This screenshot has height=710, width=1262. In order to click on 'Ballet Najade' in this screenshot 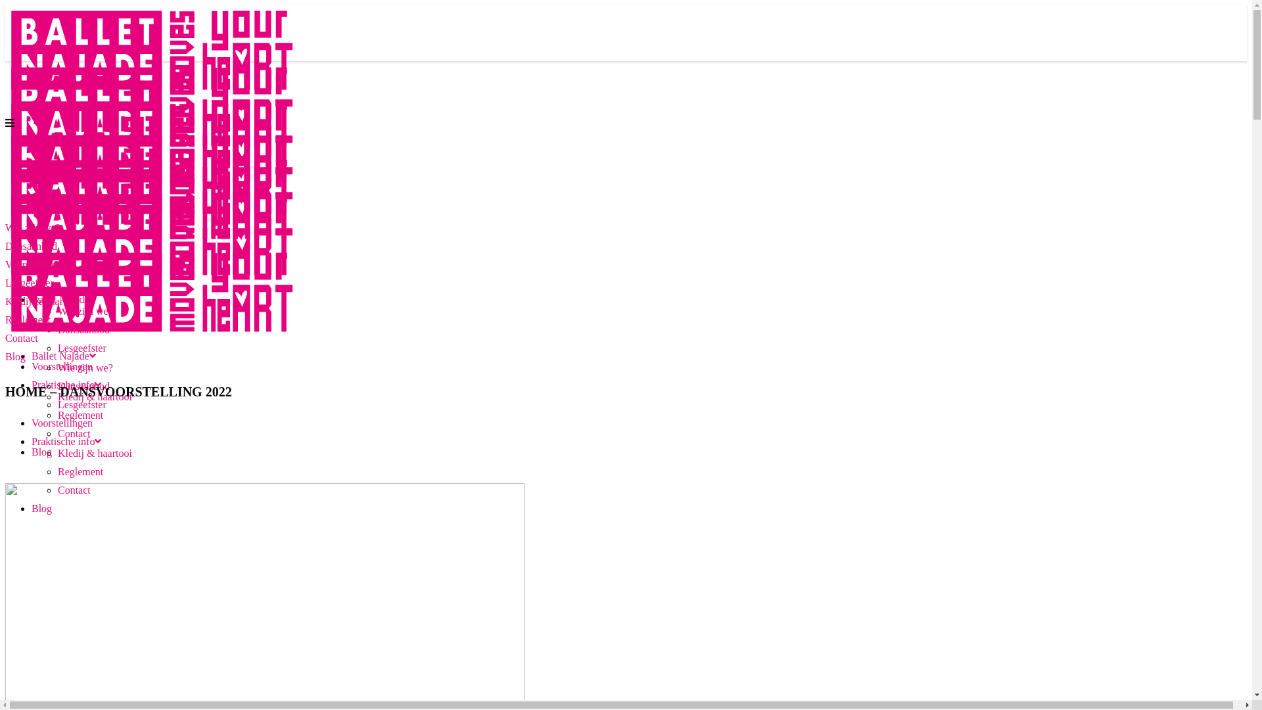, I will do `click(62, 356)`.